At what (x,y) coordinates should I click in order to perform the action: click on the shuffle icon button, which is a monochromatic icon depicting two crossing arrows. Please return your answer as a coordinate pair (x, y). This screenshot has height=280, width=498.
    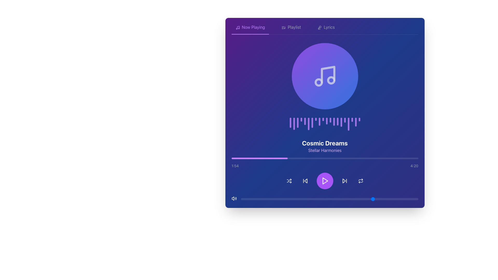
    Looking at the image, I should click on (289, 181).